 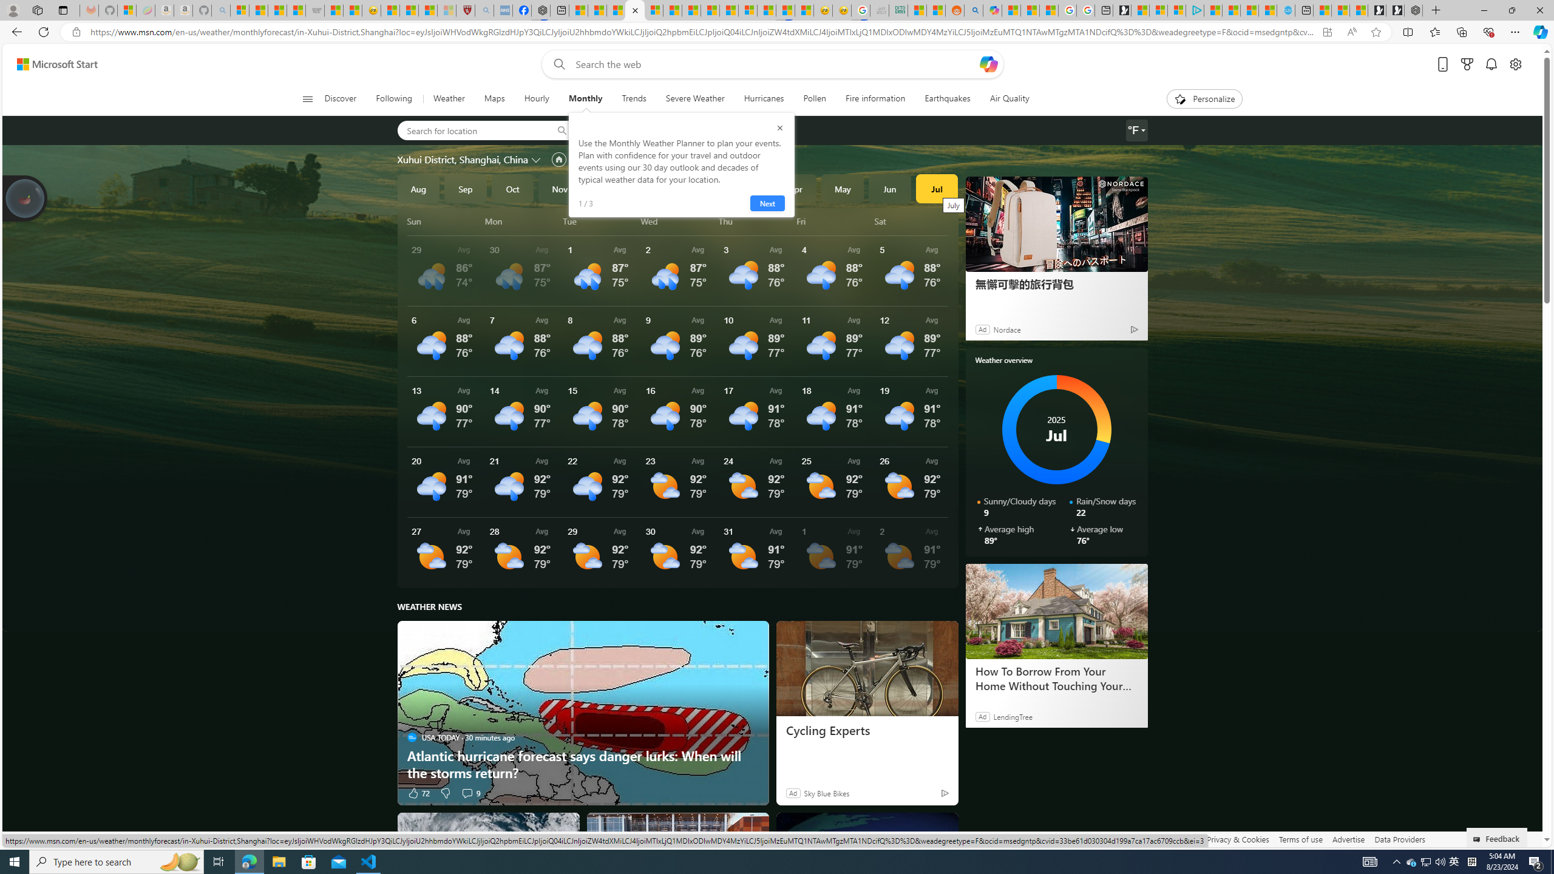 What do you see at coordinates (695, 98) in the screenshot?
I see `'Severe Weather'` at bounding box center [695, 98].